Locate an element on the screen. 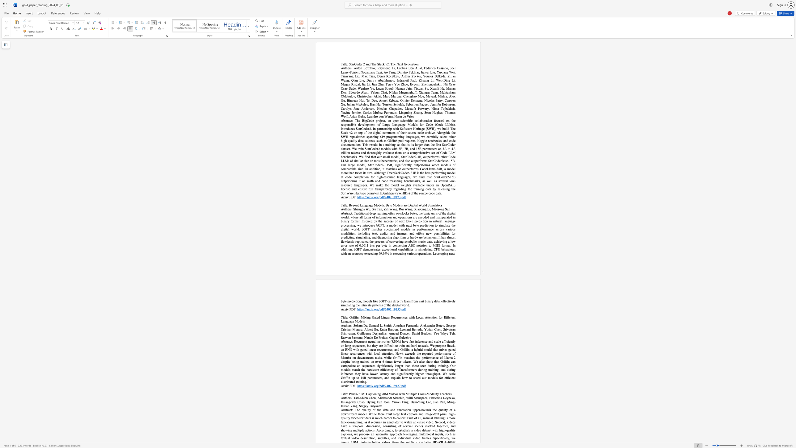 The width and height of the screenshot is (796, 448). the subset text "Aliaksandr Siarohin, Willi Menapace, Ekaterina Dey" within the text "Tsai-Shien Chen, Aliaksandr Siarohin, Willi Menapace, Ekaterina Deyneka, Hsiang-wei Chao, Byung Eun Jeon, Yuwei Fang, Hsin-Ying Lee, Jian Ren, Ming-Hsuan Yang, Sergey Tulyakov" is located at coordinates (378, 397).